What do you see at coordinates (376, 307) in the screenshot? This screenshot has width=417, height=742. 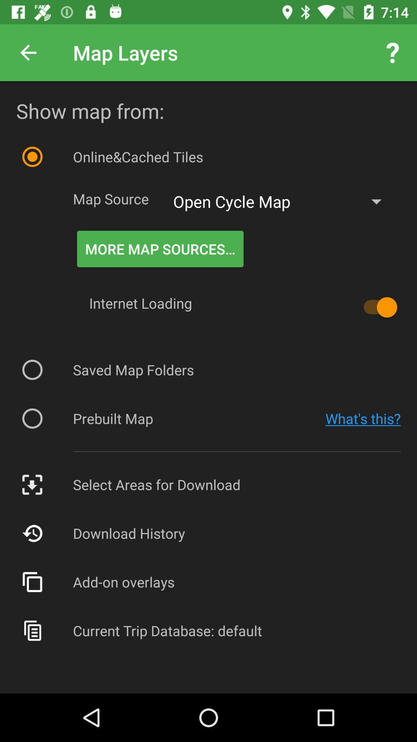 I see `the item above what's this? item` at bounding box center [376, 307].